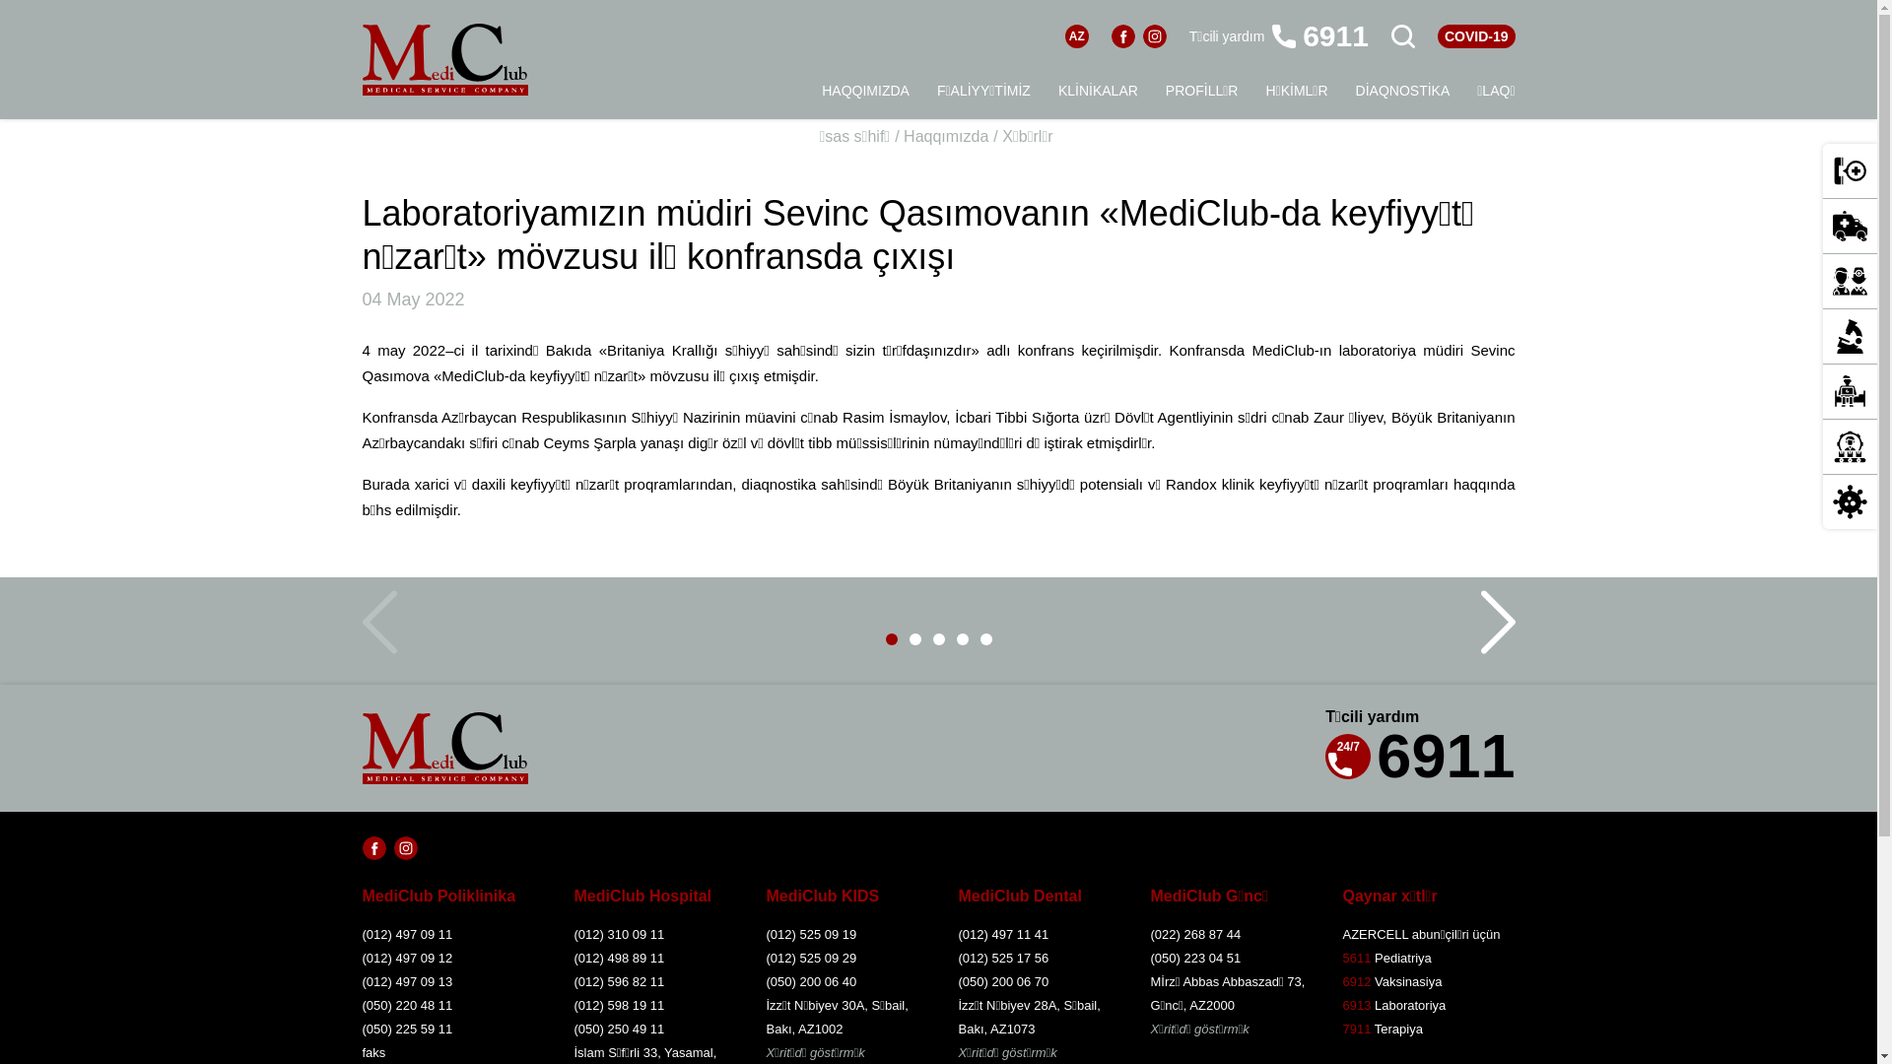 The height and width of the screenshot is (1064, 1892). I want to click on '(050) 200 06 40', so click(845, 981).